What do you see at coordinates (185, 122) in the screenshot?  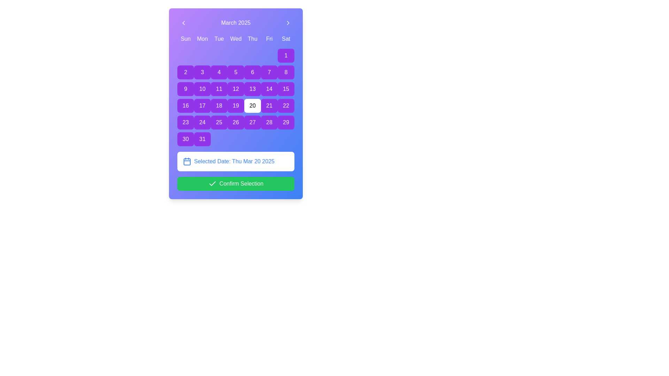 I see `the rounded rectangular button with a purple background and the number '23'` at bounding box center [185, 122].